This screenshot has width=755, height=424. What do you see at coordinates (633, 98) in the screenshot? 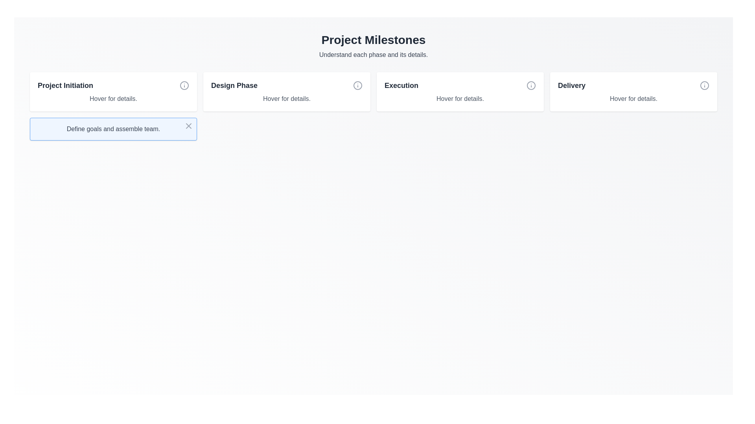
I see `text content of the gray text label reading 'Hover for details.' located below the title 'Delivery' in the Delivery card section` at bounding box center [633, 98].